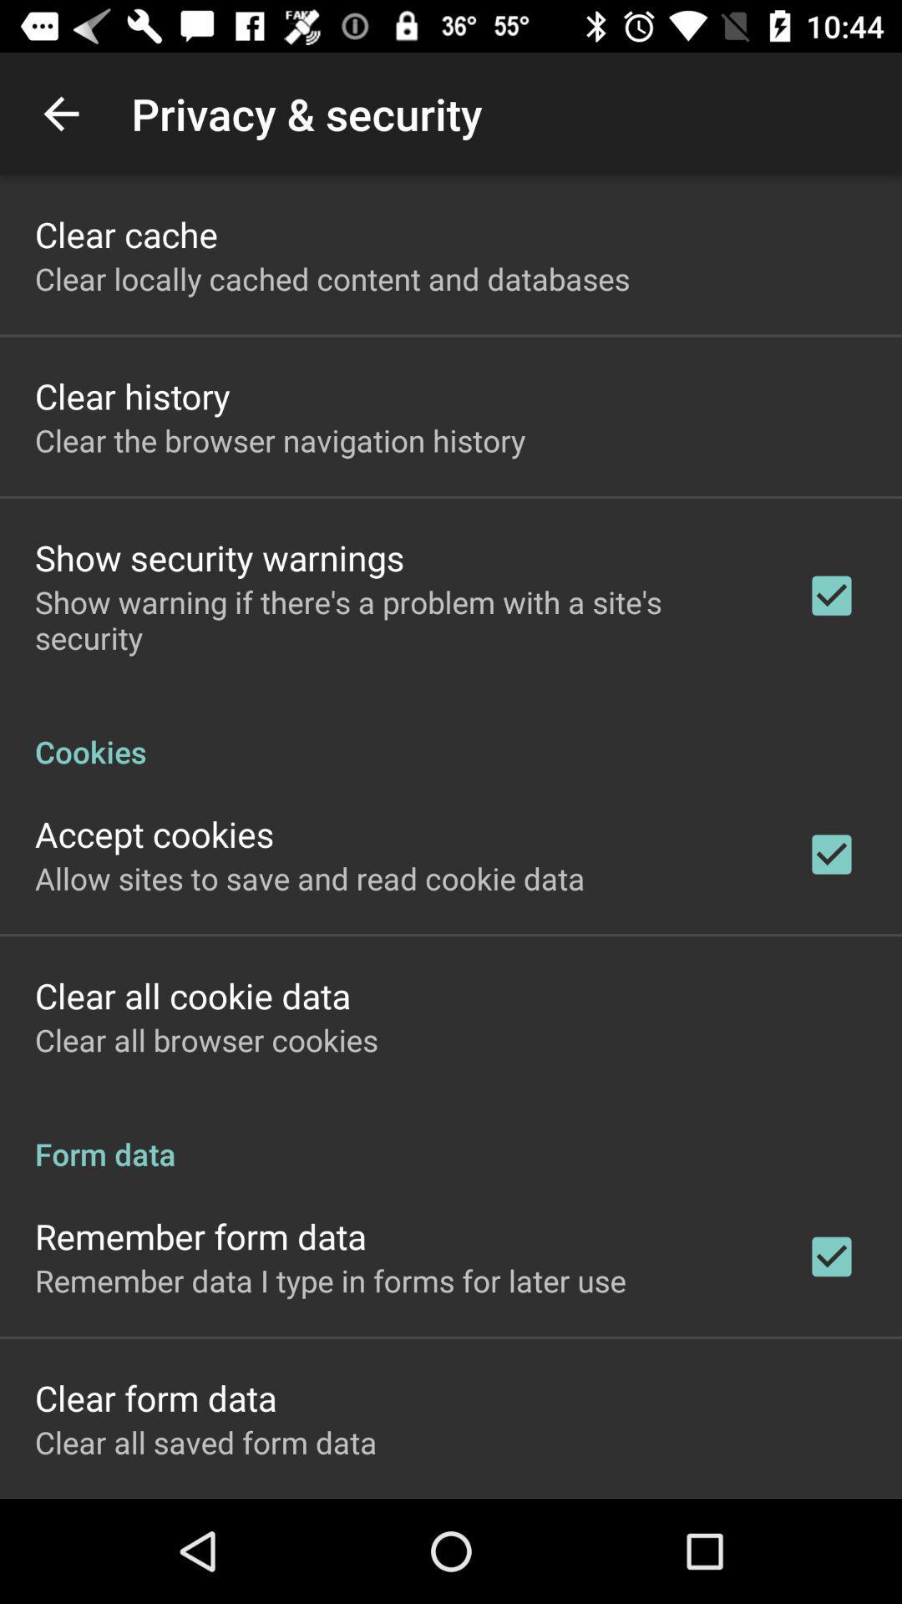 The height and width of the screenshot is (1604, 902). I want to click on app above cookies item, so click(398, 619).